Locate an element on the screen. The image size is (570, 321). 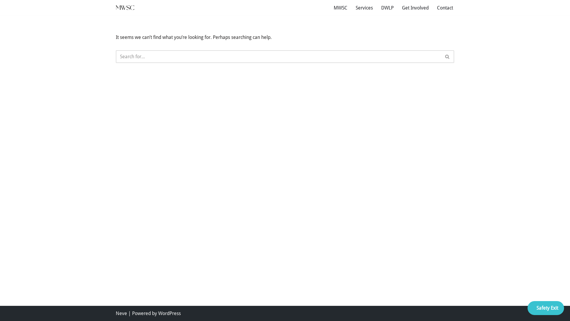
'WordPress' is located at coordinates (169, 313).